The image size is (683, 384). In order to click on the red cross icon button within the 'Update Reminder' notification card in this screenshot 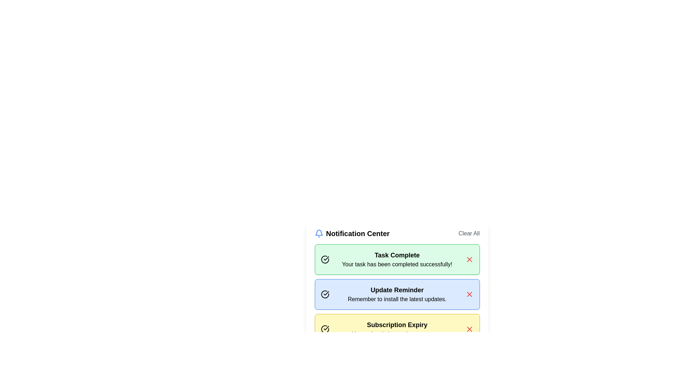, I will do `click(469, 294)`.